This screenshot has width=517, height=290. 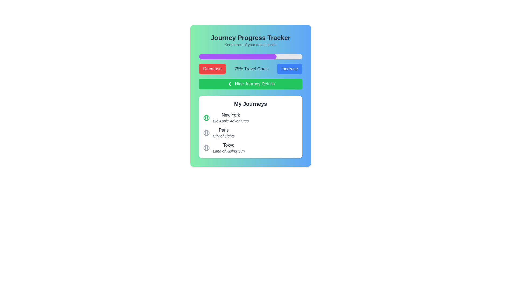 What do you see at coordinates (229, 151) in the screenshot?
I see `the text label displaying 'Land of Rising Sun', which is located below 'Tokyo' in a list format` at bounding box center [229, 151].